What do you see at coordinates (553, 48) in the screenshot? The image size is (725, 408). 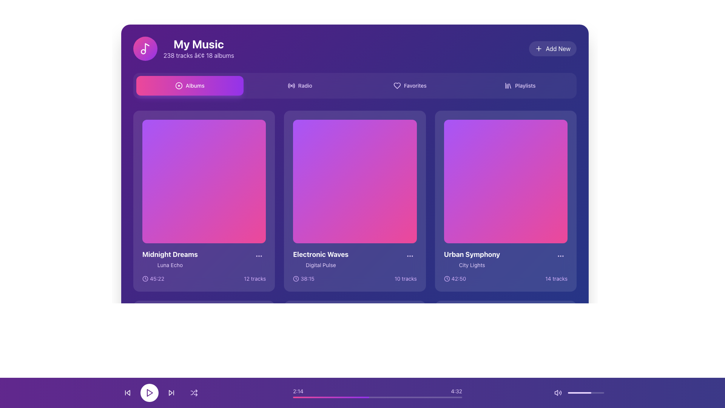 I see `the add new content button located in the top-right corner of the interface, adjacent to the user's music details` at bounding box center [553, 48].